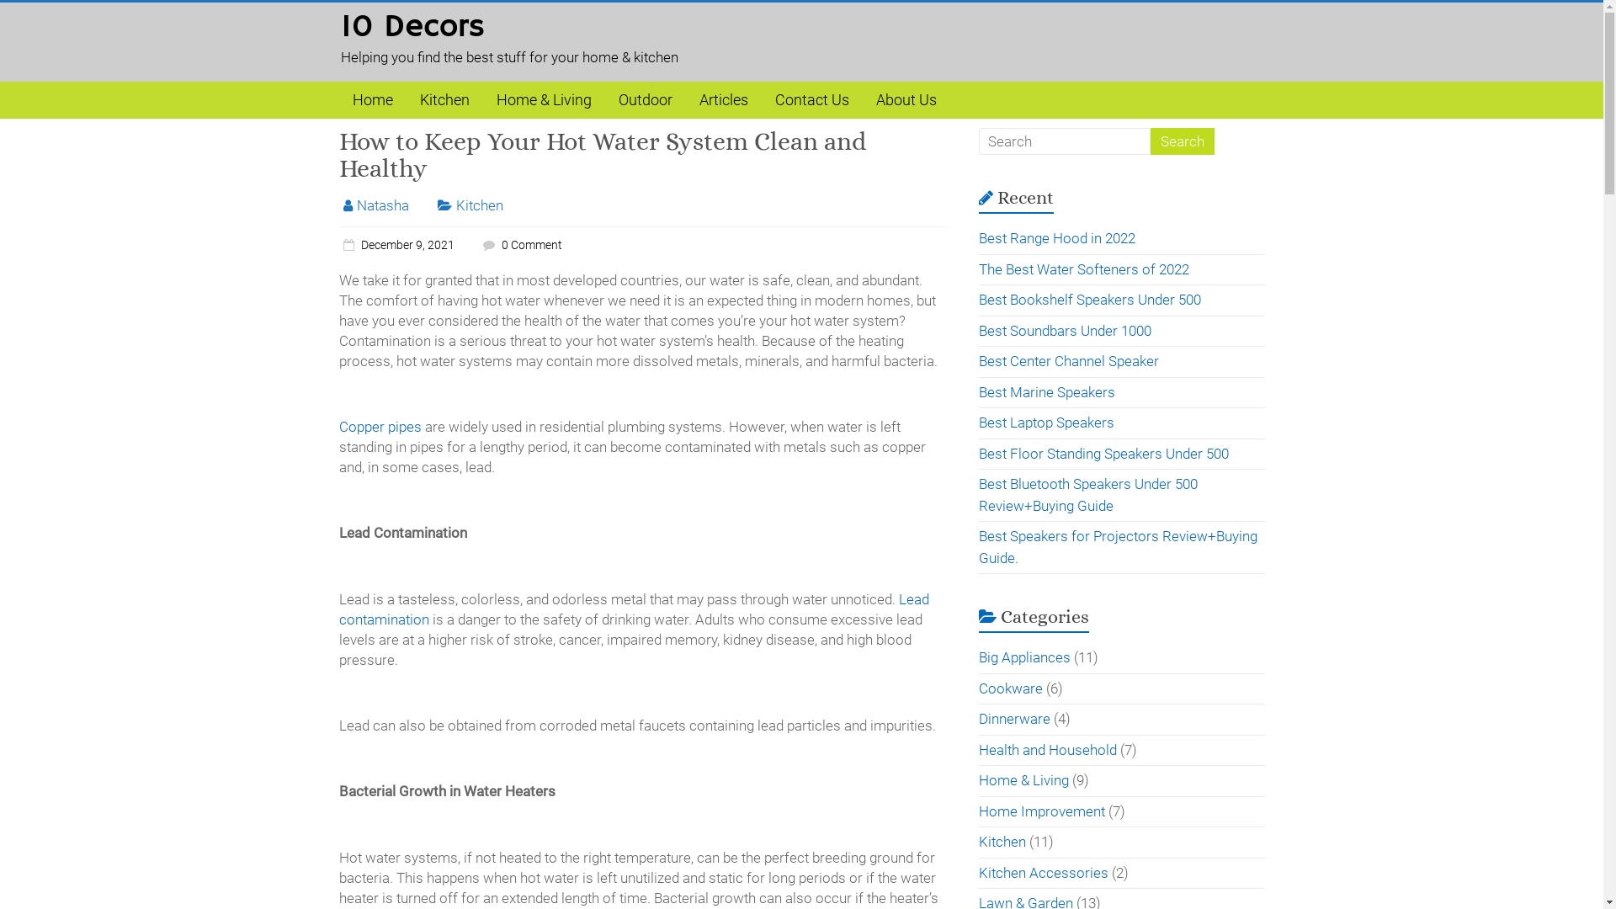 The height and width of the screenshot is (909, 1616). What do you see at coordinates (1013, 718) in the screenshot?
I see `'Dinnerware'` at bounding box center [1013, 718].